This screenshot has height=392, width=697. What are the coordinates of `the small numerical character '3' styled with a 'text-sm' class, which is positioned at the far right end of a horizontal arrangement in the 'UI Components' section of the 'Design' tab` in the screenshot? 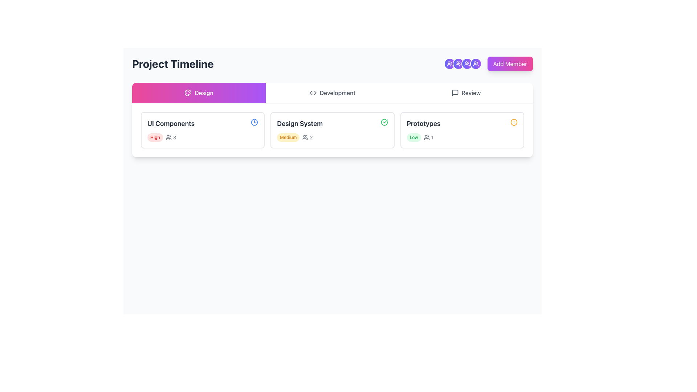 It's located at (175, 137).